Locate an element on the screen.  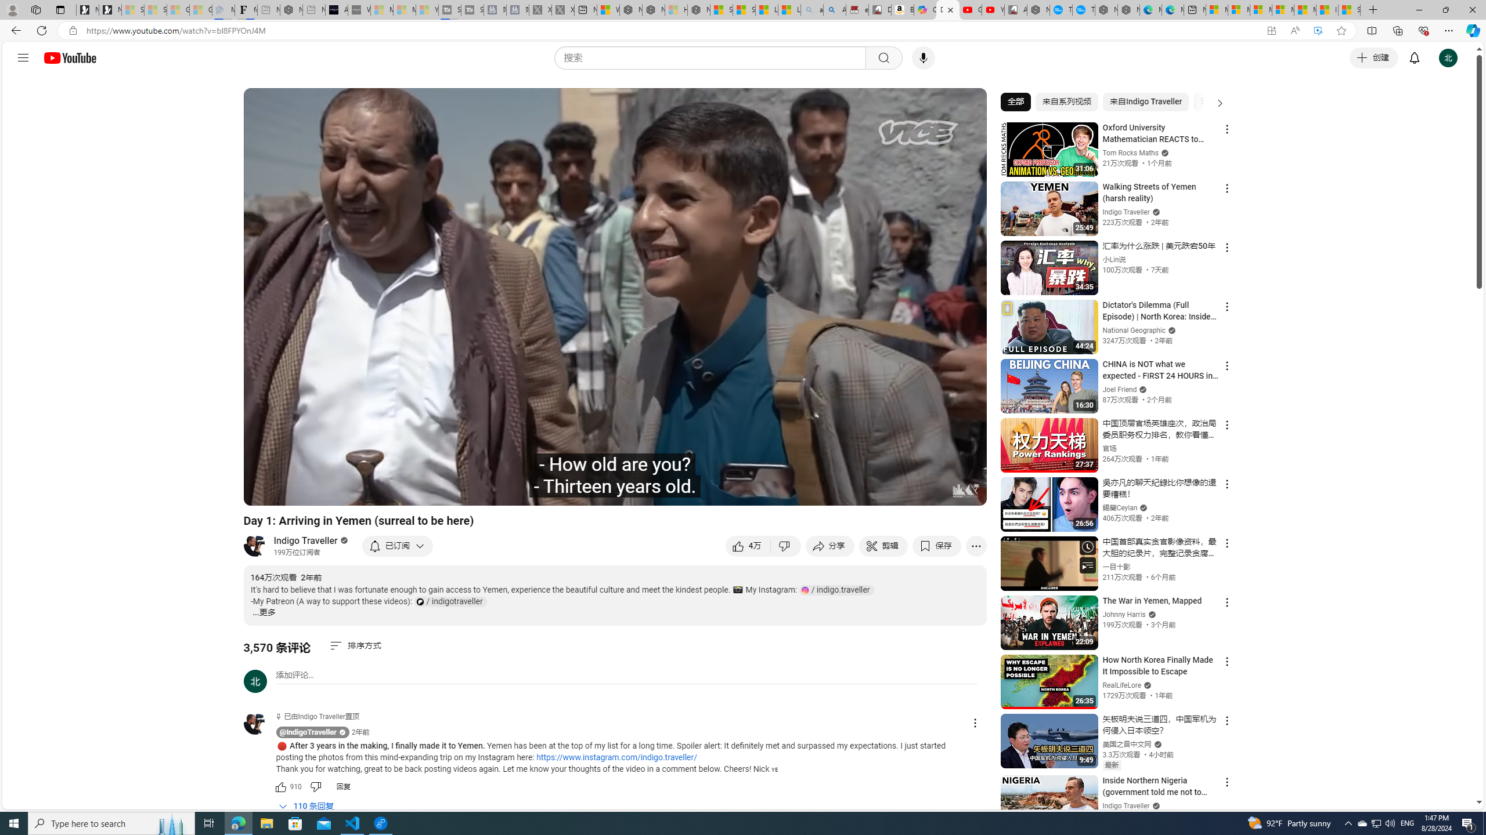
'Microsoft account | Microsoft Account Privacy Settings' is located at coordinates (1239, 9).